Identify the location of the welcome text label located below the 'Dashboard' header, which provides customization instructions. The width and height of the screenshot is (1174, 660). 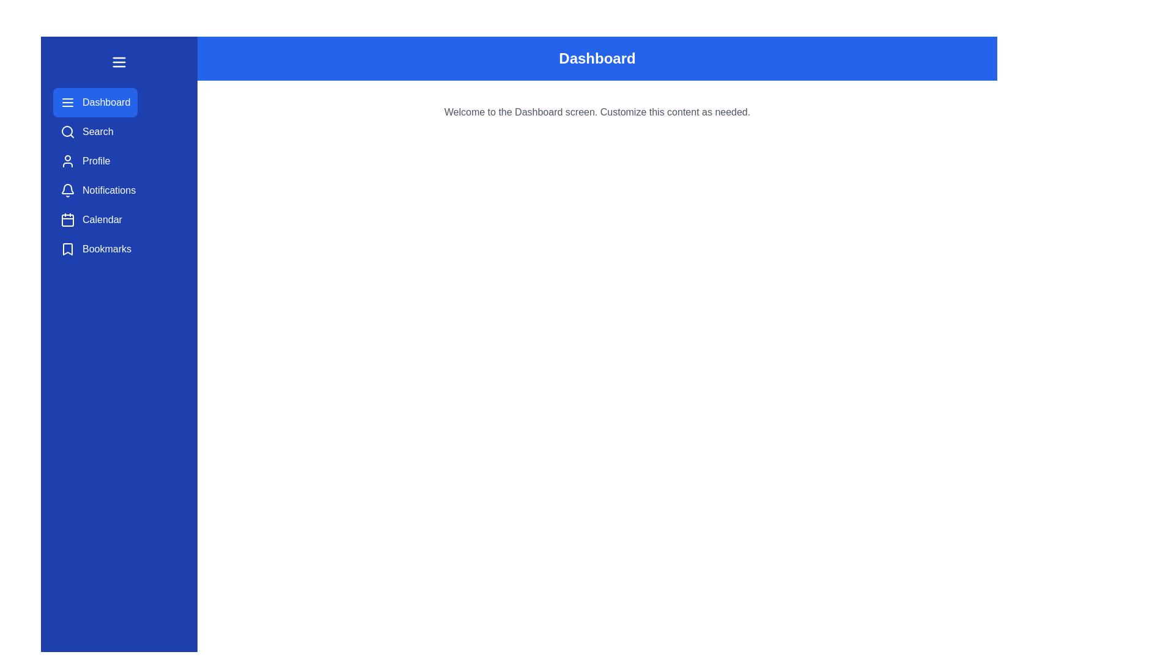
(597, 112).